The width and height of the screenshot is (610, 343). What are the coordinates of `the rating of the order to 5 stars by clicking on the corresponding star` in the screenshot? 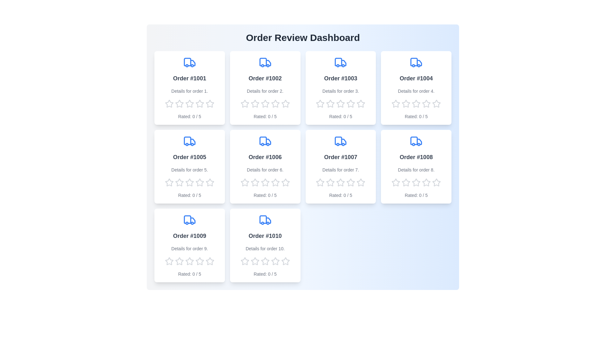 It's located at (210, 104).